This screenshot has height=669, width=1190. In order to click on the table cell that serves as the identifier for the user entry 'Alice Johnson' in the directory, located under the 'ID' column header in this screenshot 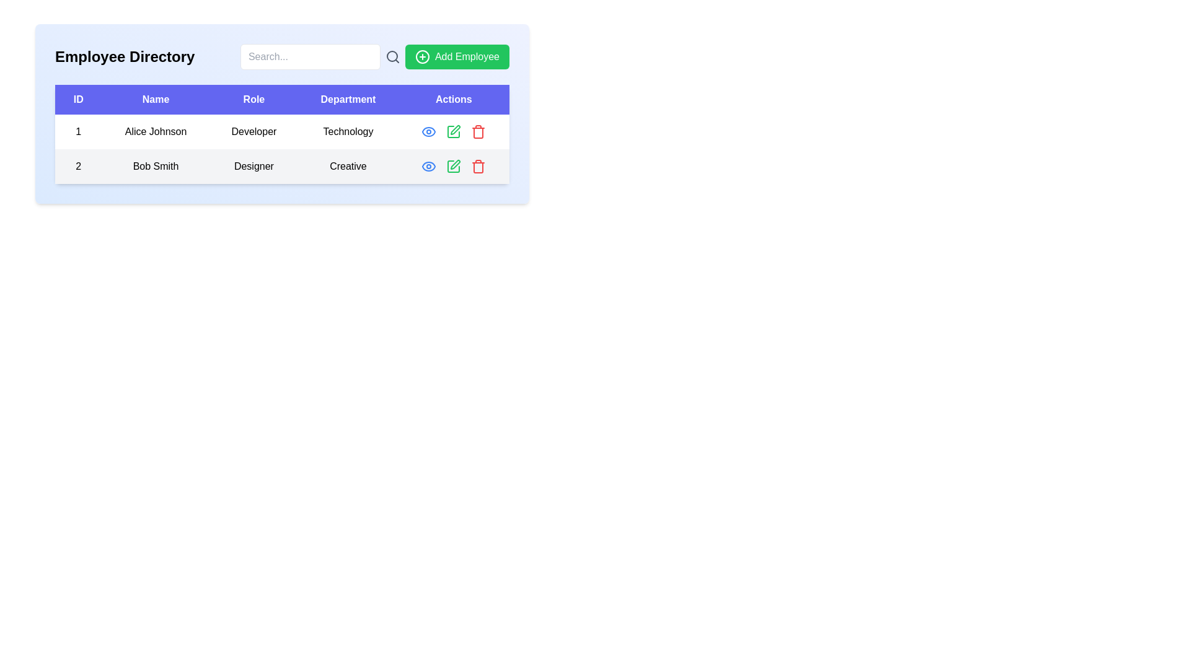, I will do `click(77, 131)`.